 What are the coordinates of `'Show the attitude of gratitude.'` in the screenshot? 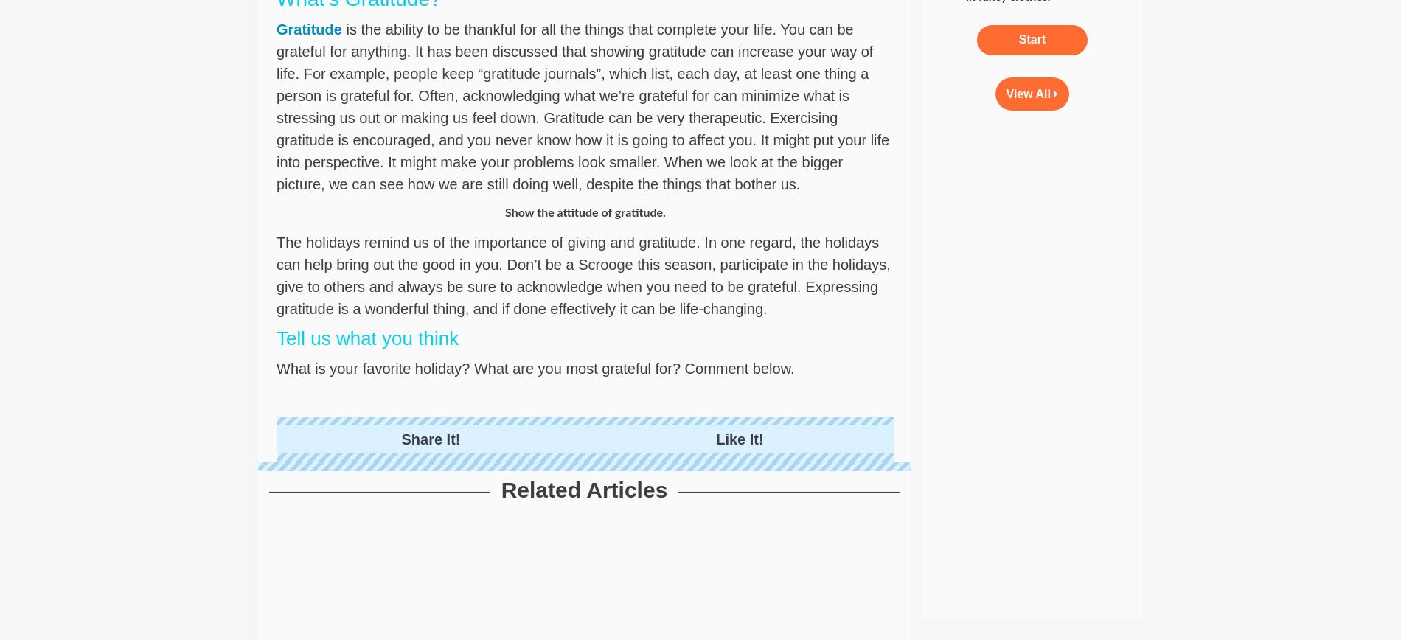 It's located at (584, 212).